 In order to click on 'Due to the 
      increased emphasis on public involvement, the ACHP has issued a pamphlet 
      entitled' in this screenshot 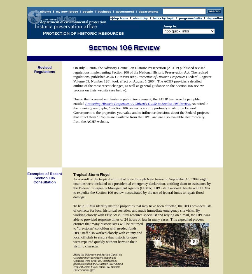, I will do `click(136, 101)`.